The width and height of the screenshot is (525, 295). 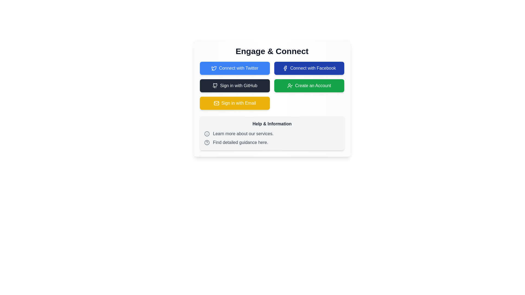 I want to click on the associated visual content of the Decorative shape that forms the background of the envelope icon in the SVG graphic, so click(x=216, y=103).